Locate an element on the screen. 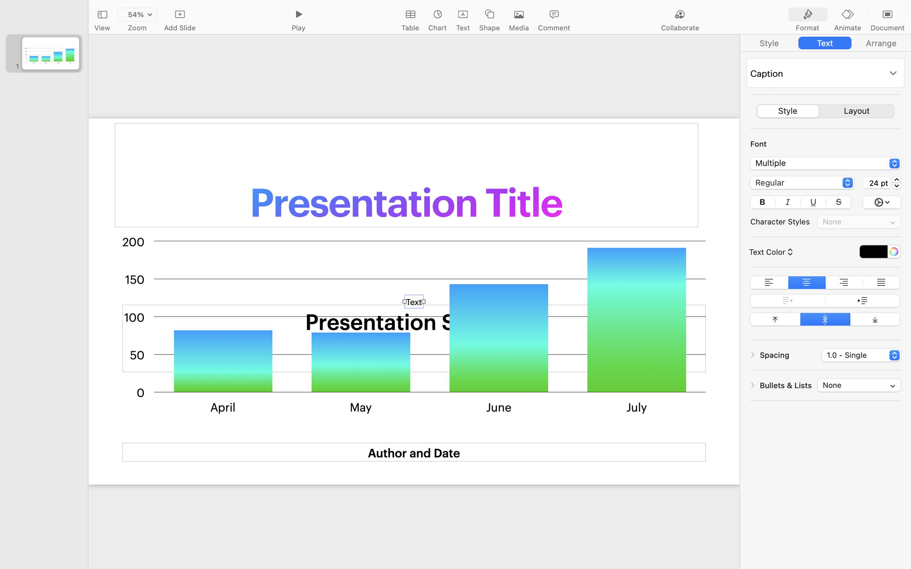 This screenshot has height=569, width=911. '24.0' is located at coordinates (896, 182).